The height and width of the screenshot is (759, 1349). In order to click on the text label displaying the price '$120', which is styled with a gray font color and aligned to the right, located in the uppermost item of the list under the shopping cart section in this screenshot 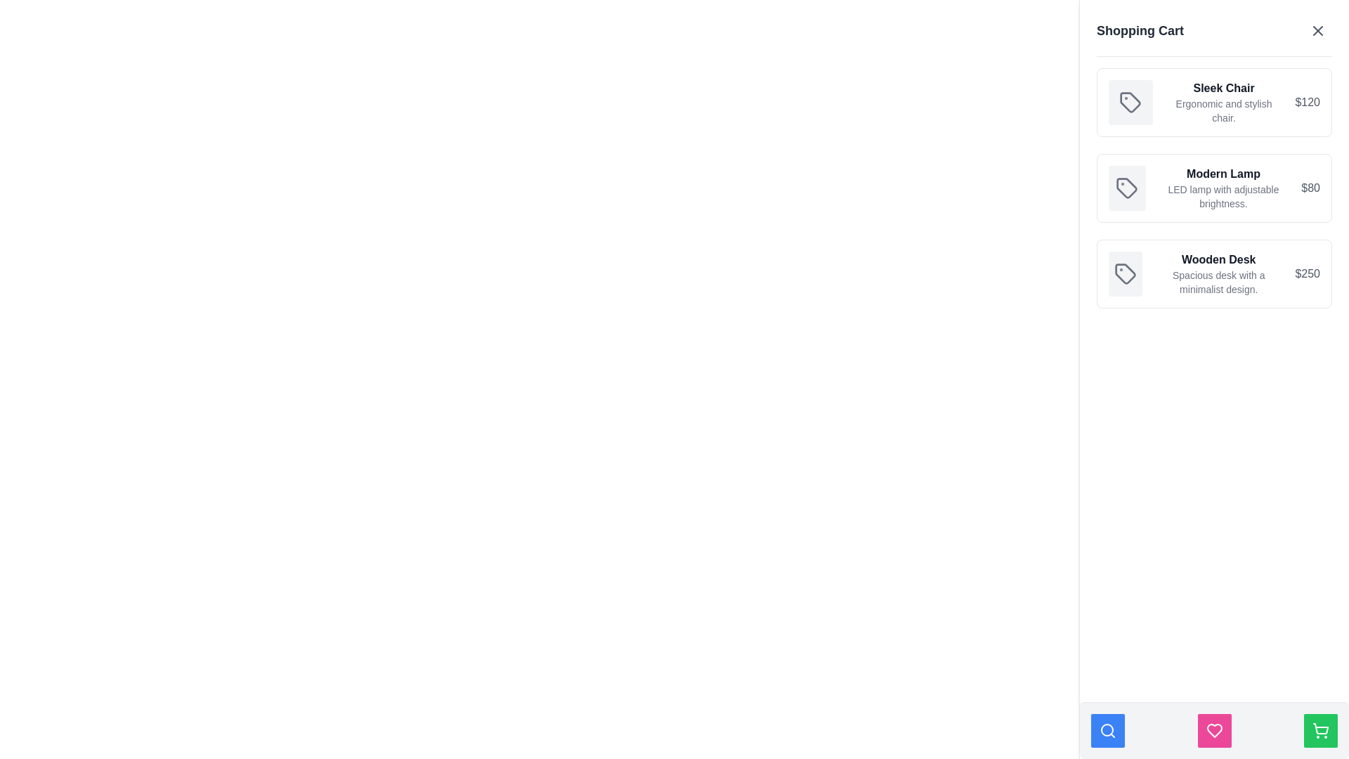, I will do `click(1307, 102)`.